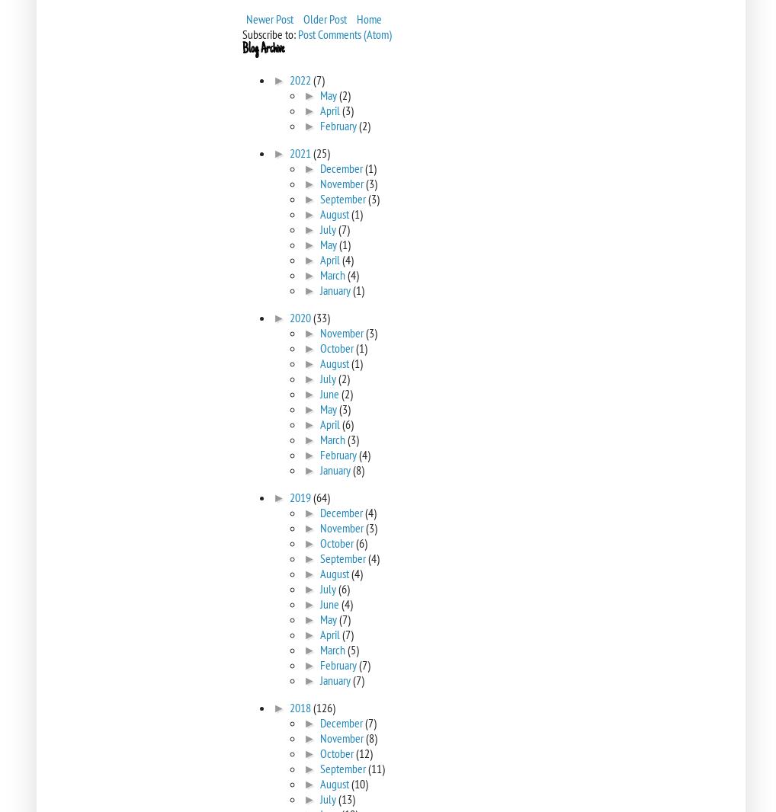 This screenshot has height=812, width=776. What do you see at coordinates (268, 18) in the screenshot?
I see `'Newer Post'` at bounding box center [268, 18].